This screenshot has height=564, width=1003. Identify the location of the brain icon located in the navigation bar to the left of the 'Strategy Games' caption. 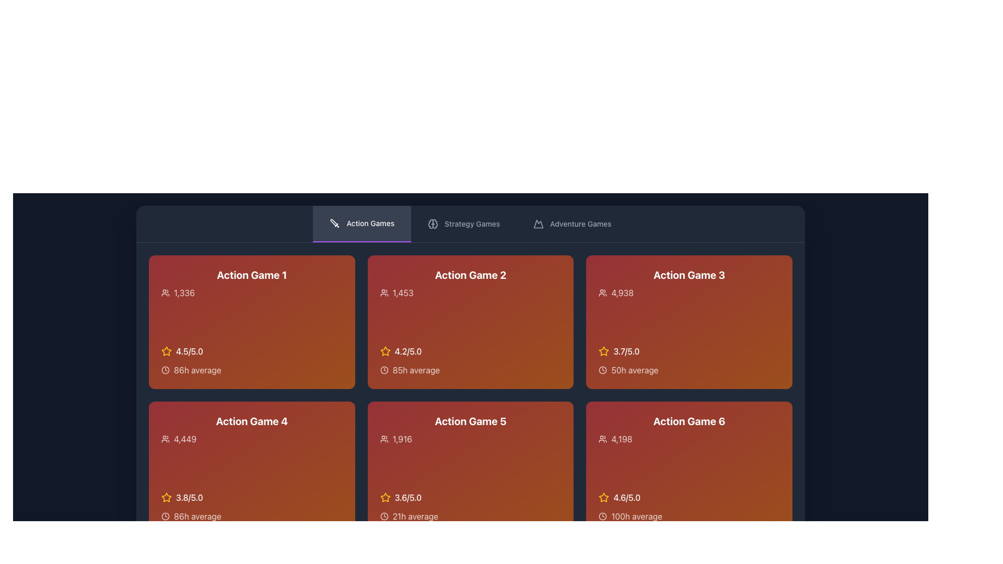
(433, 223).